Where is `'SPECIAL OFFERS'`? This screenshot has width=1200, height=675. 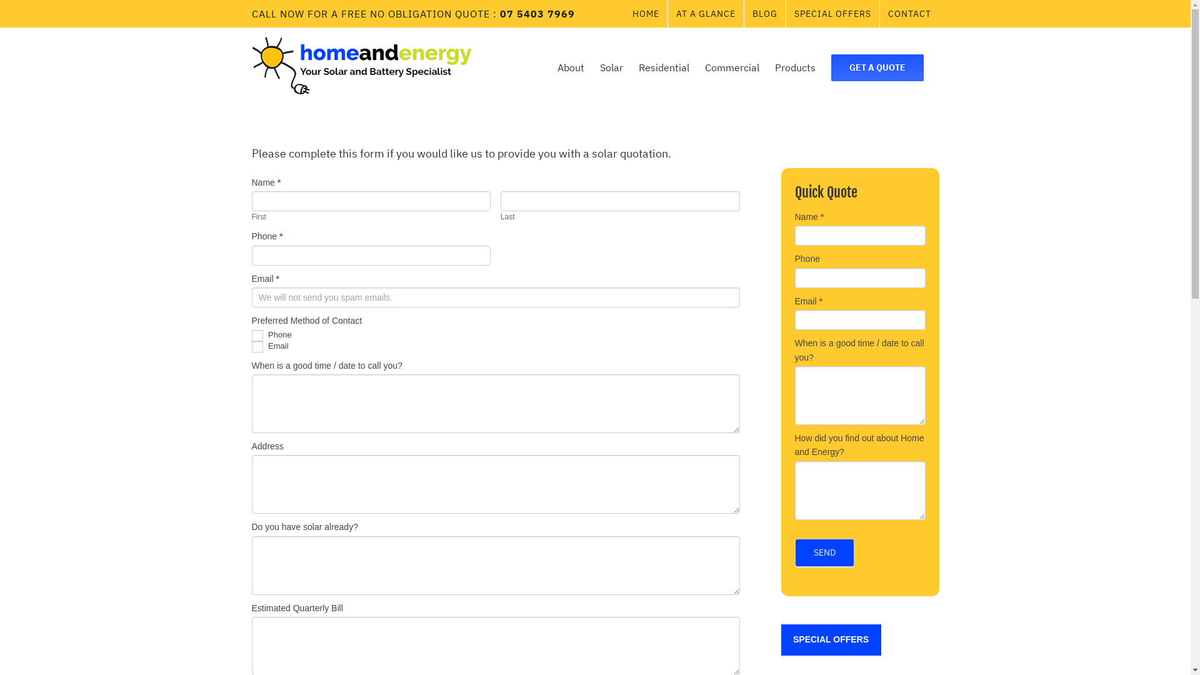
'SPECIAL OFFERS' is located at coordinates (831, 639).